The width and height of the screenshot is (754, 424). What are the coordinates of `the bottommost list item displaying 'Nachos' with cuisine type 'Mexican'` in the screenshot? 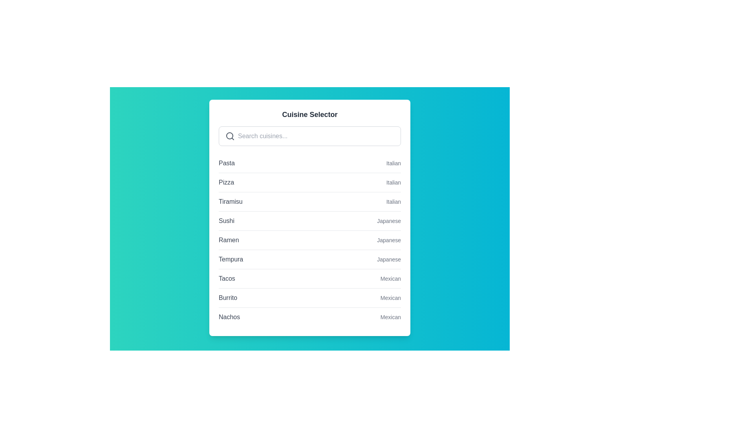 It's located at (309, 316).